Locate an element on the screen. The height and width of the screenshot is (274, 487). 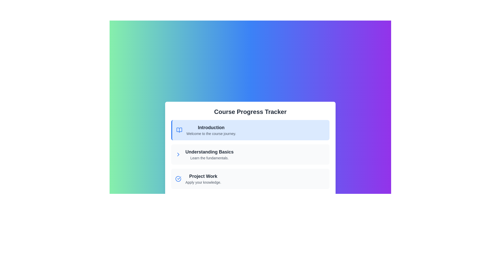
the List Item labeled 'Understanding Basics' for accessibility is located at coordinates (209, 154).